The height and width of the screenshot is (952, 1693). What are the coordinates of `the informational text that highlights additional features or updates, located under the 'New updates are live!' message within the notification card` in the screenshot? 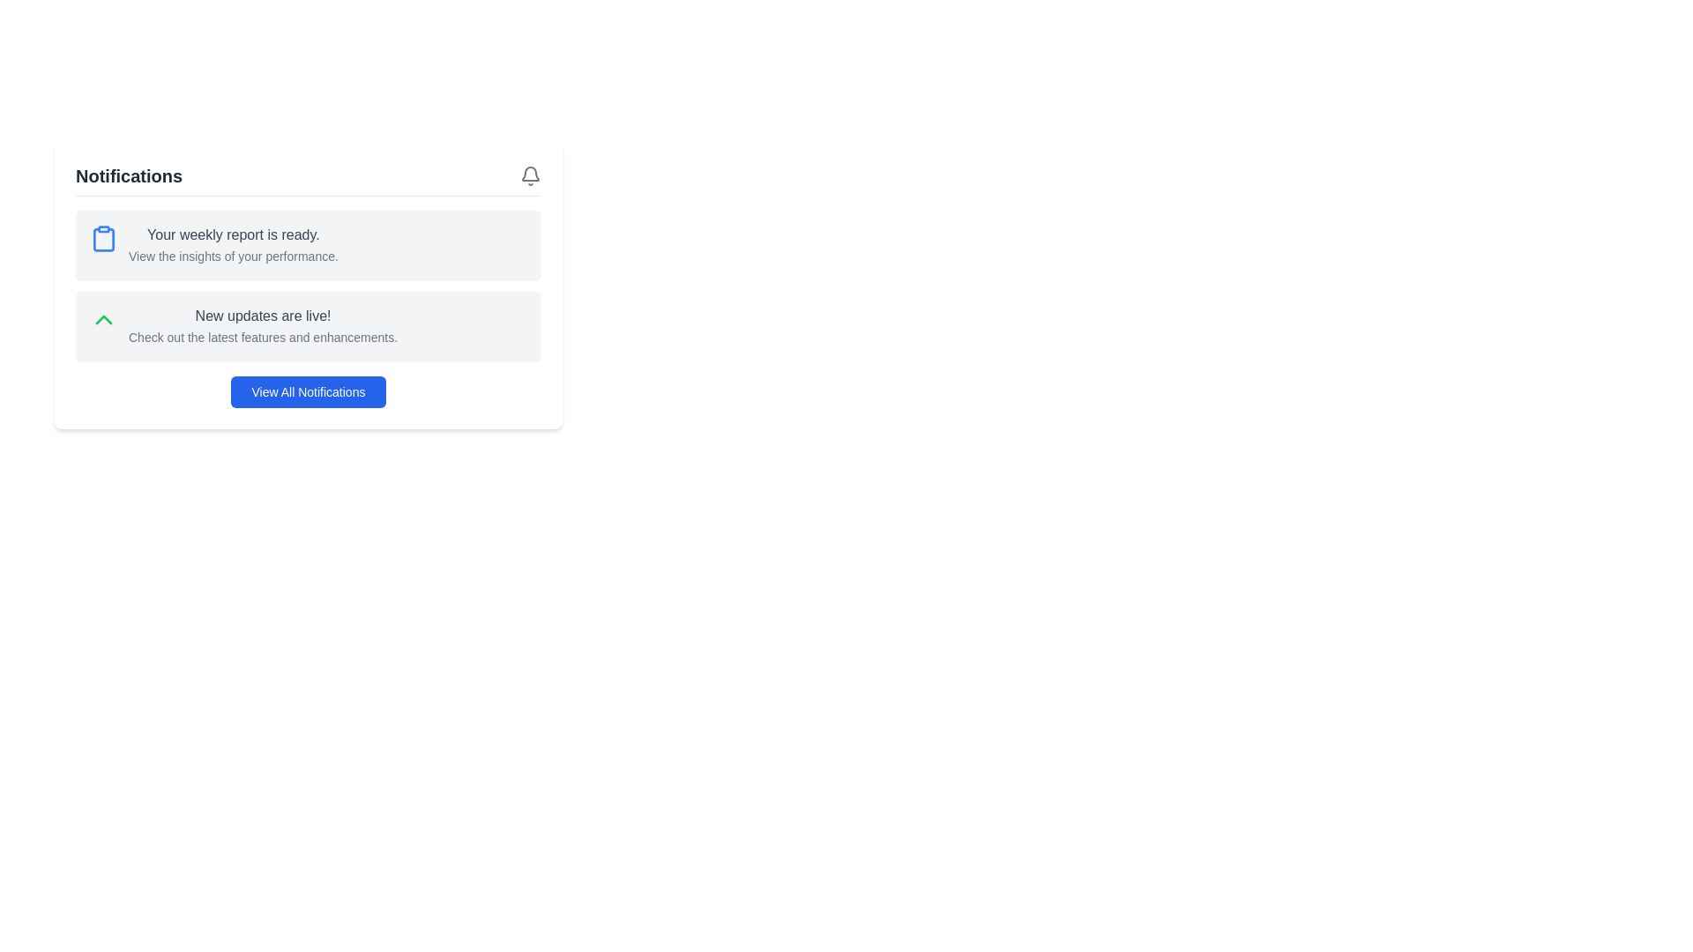 It's located at (262, 337).